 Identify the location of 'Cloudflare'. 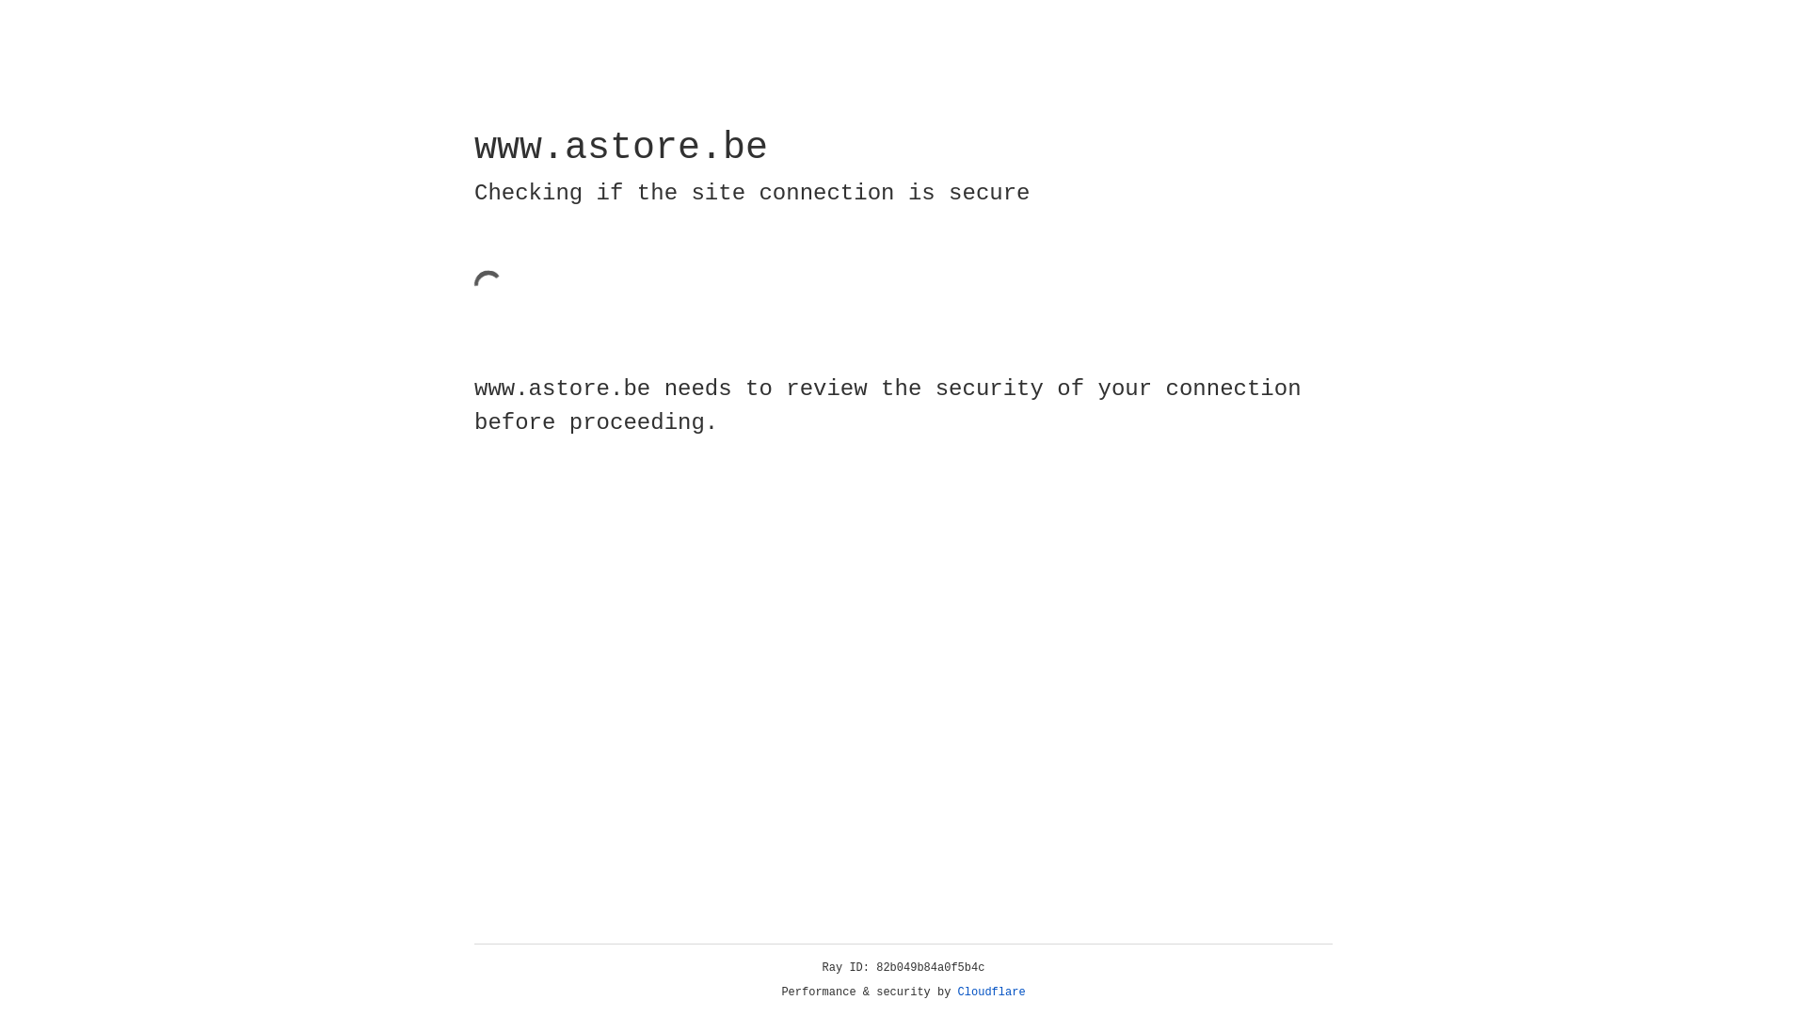
(991, 992).